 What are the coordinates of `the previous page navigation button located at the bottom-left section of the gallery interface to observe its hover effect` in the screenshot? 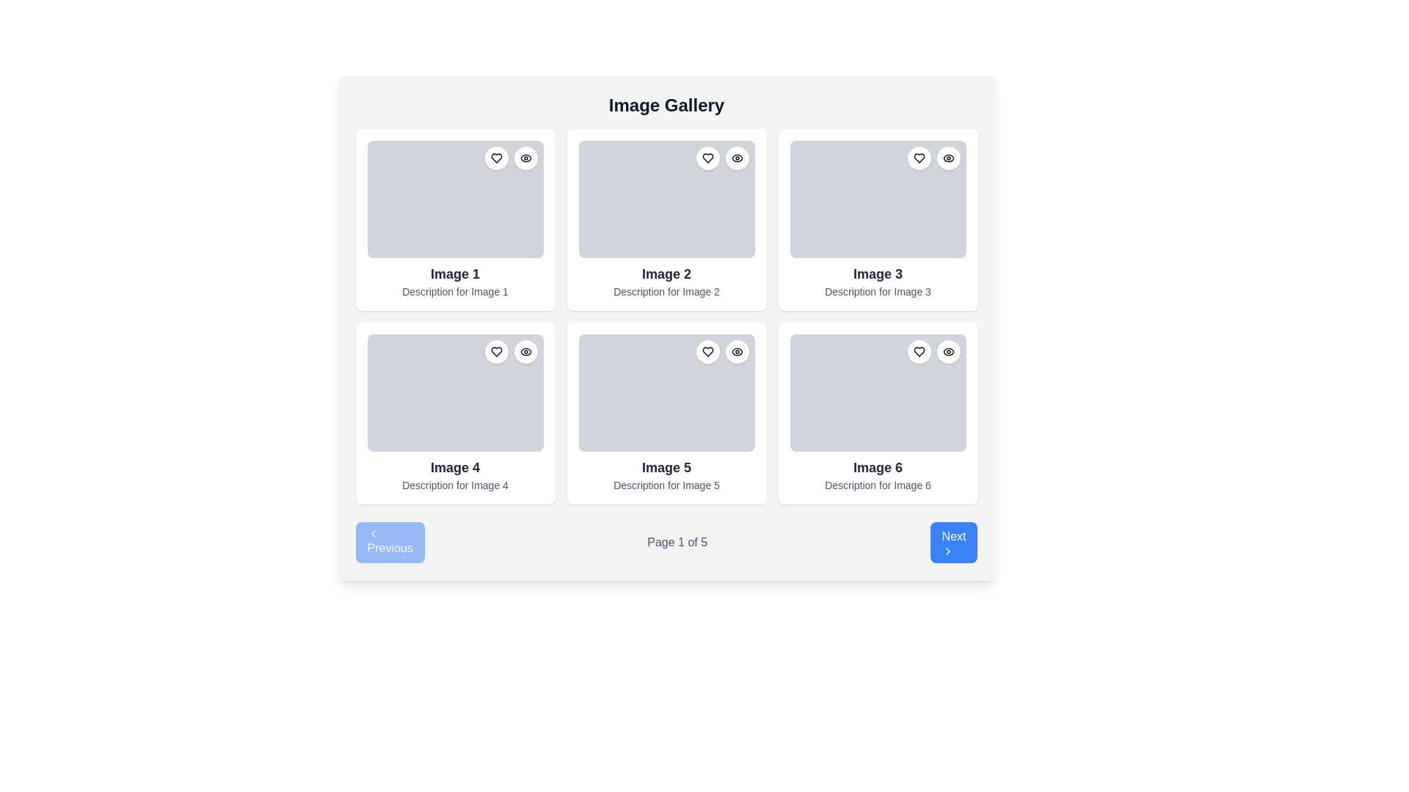 It's located at (390, 543).